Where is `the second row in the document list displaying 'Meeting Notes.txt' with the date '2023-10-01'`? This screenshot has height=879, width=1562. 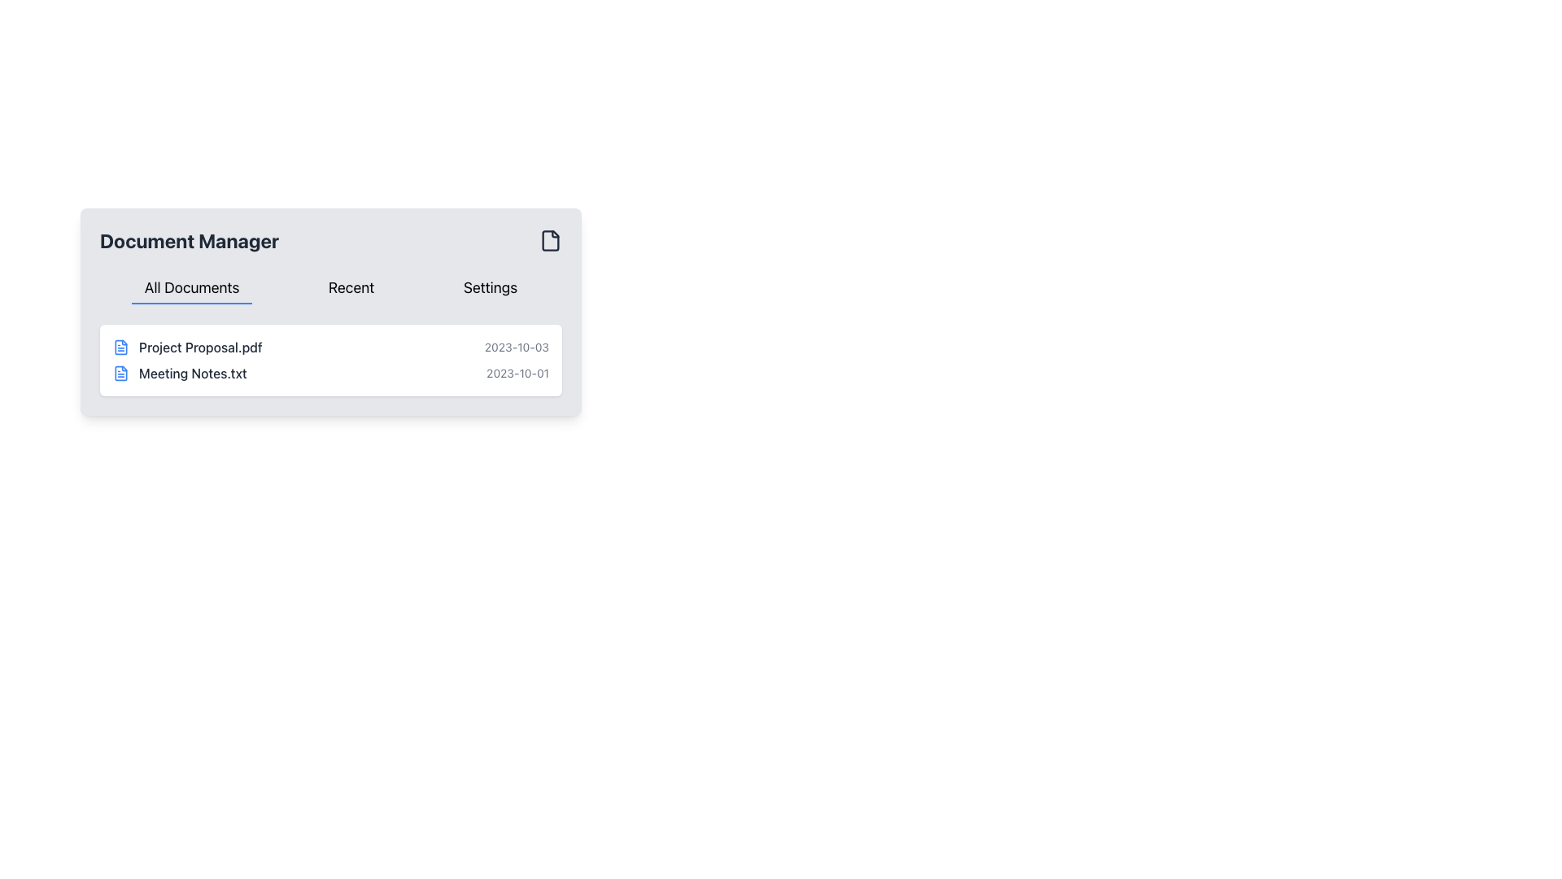 the second row in the document list displaying 'Meeting Notes.txt' with the date '2023-10-01' is located at coordinates (330, 374).